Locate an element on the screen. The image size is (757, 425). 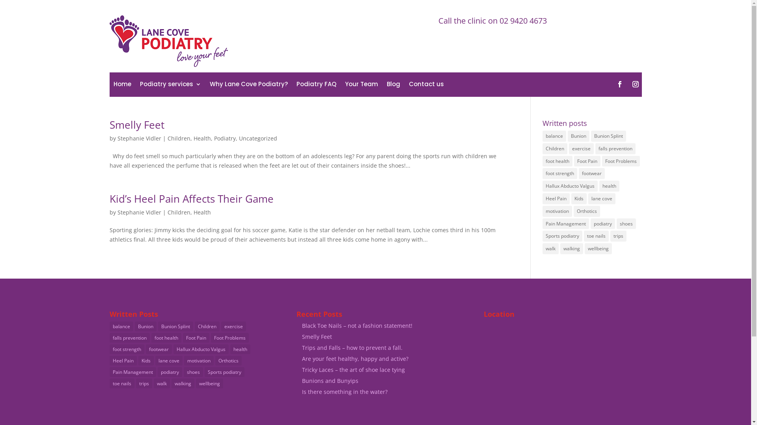
'Your Team' is located at coordinates (344, 86).